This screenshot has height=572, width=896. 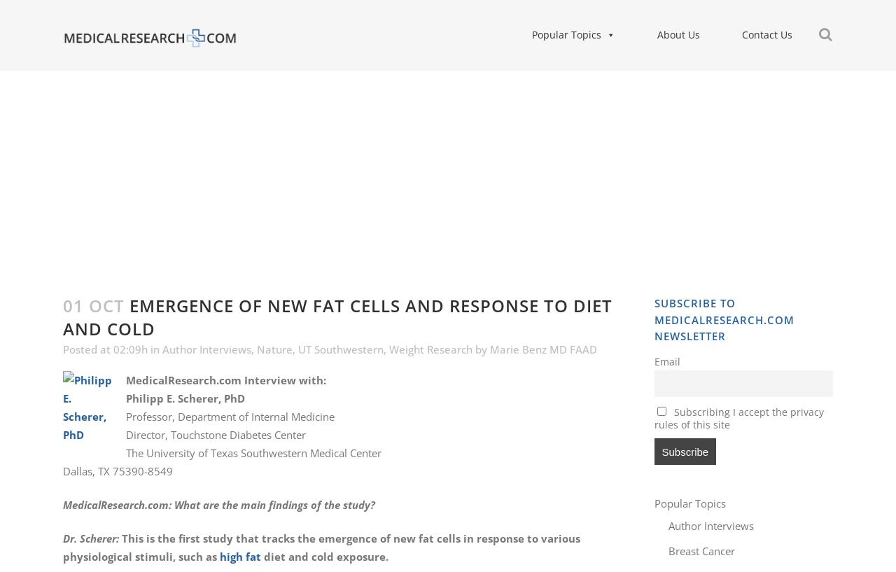 What do you see at coordinates (118, 470) in the screenshot?
I see `'Dallas, TX 75390-8549'` at bounding box center [118, 470].